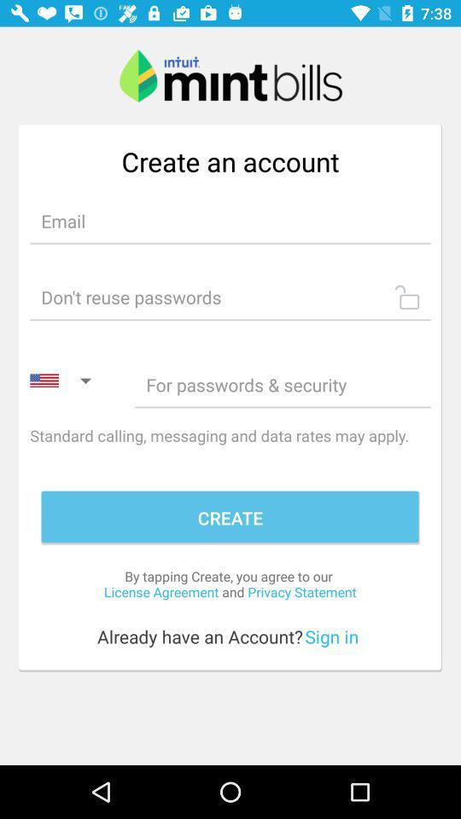 The height and width of the screenshot is (819, 461). Describe the element at coordinates (283, 385) in the screenshot. I see `type password` at that location.